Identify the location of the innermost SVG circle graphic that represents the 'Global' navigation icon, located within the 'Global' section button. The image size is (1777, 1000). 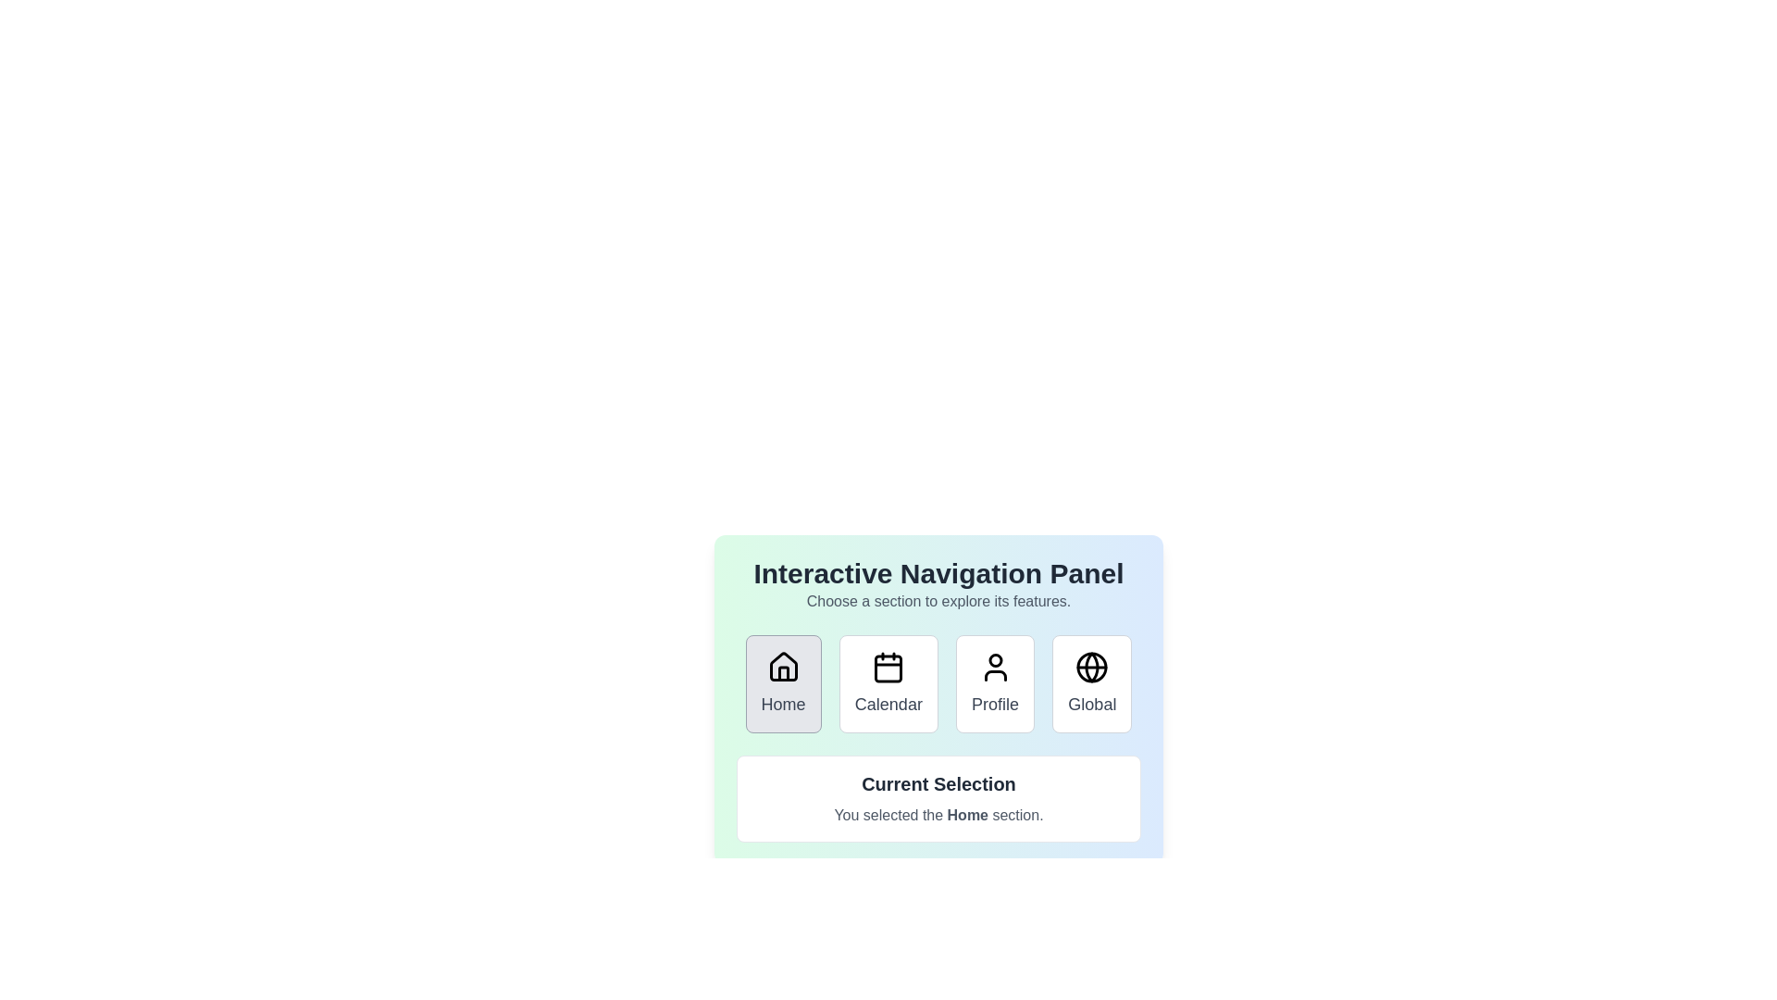
(1092, 668).